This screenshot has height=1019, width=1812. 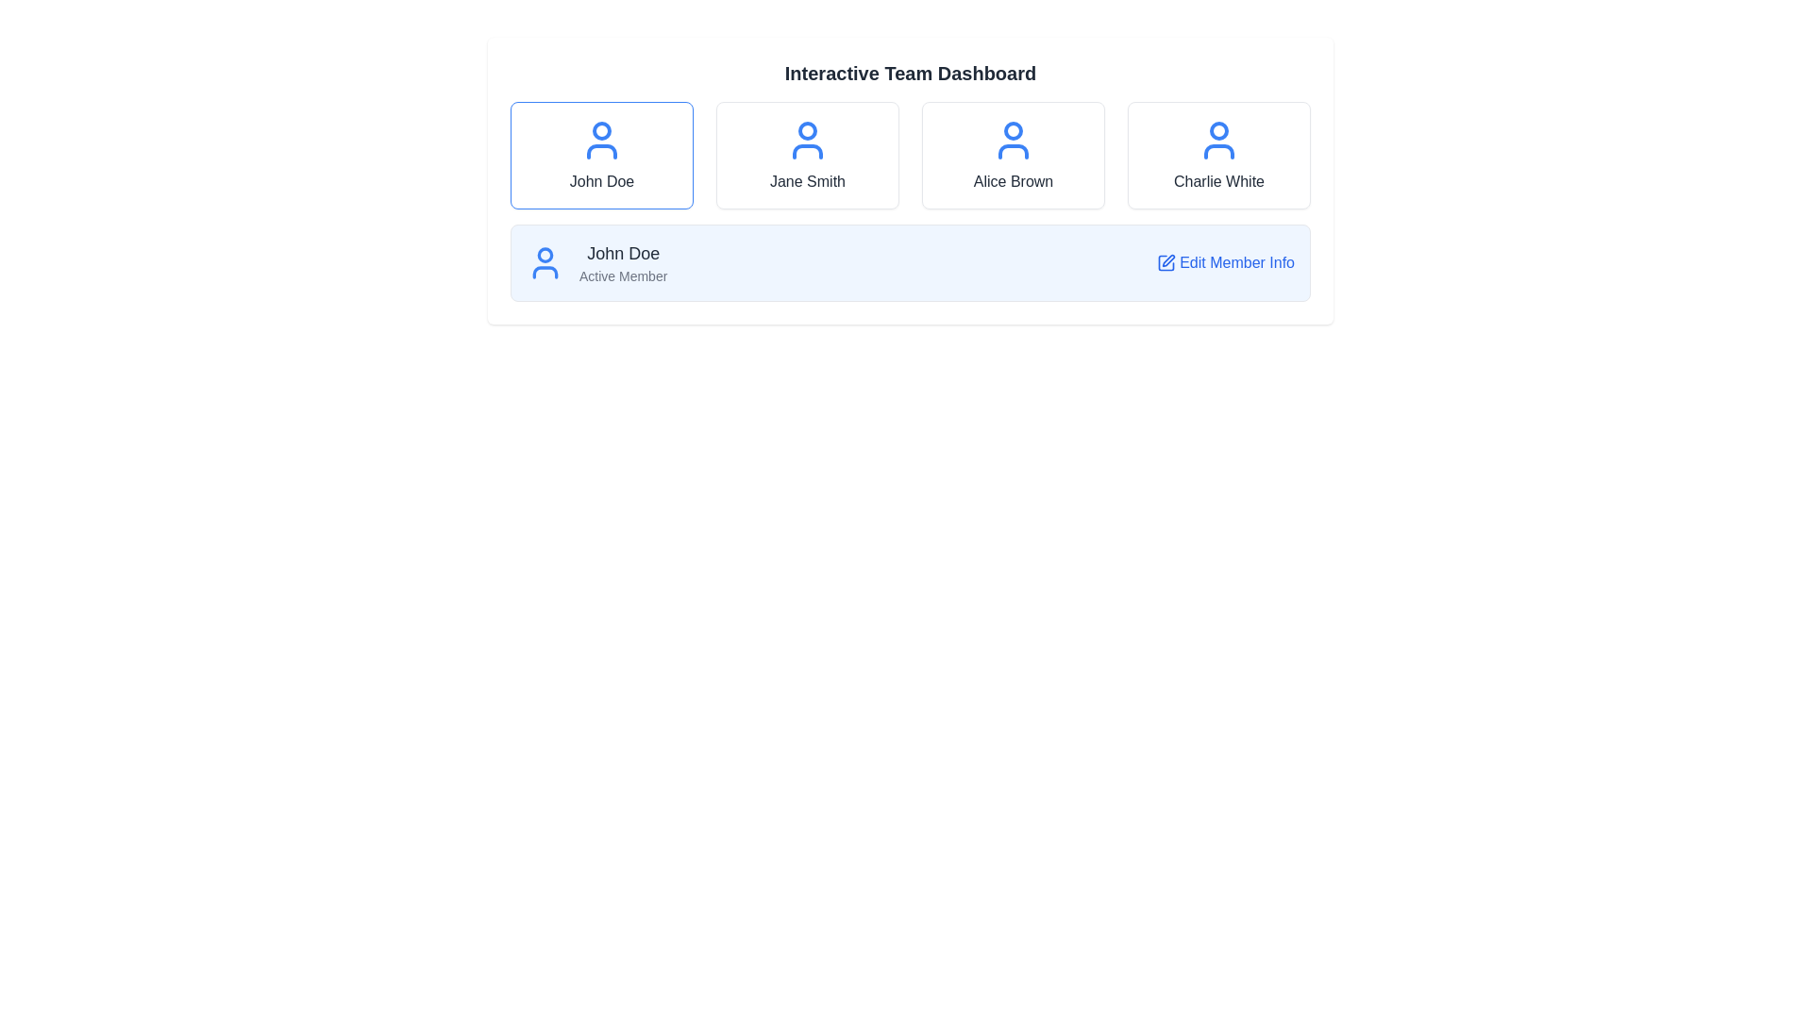 I want to click on the user's profile summary card located at the top left of the grid to activate hover effects, so click(x=601, y=155).